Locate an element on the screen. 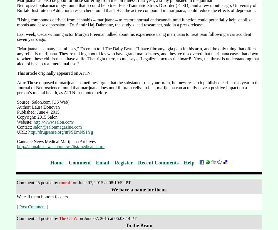  'Author: Laura Donovan' is located at coordinates (38, 107).